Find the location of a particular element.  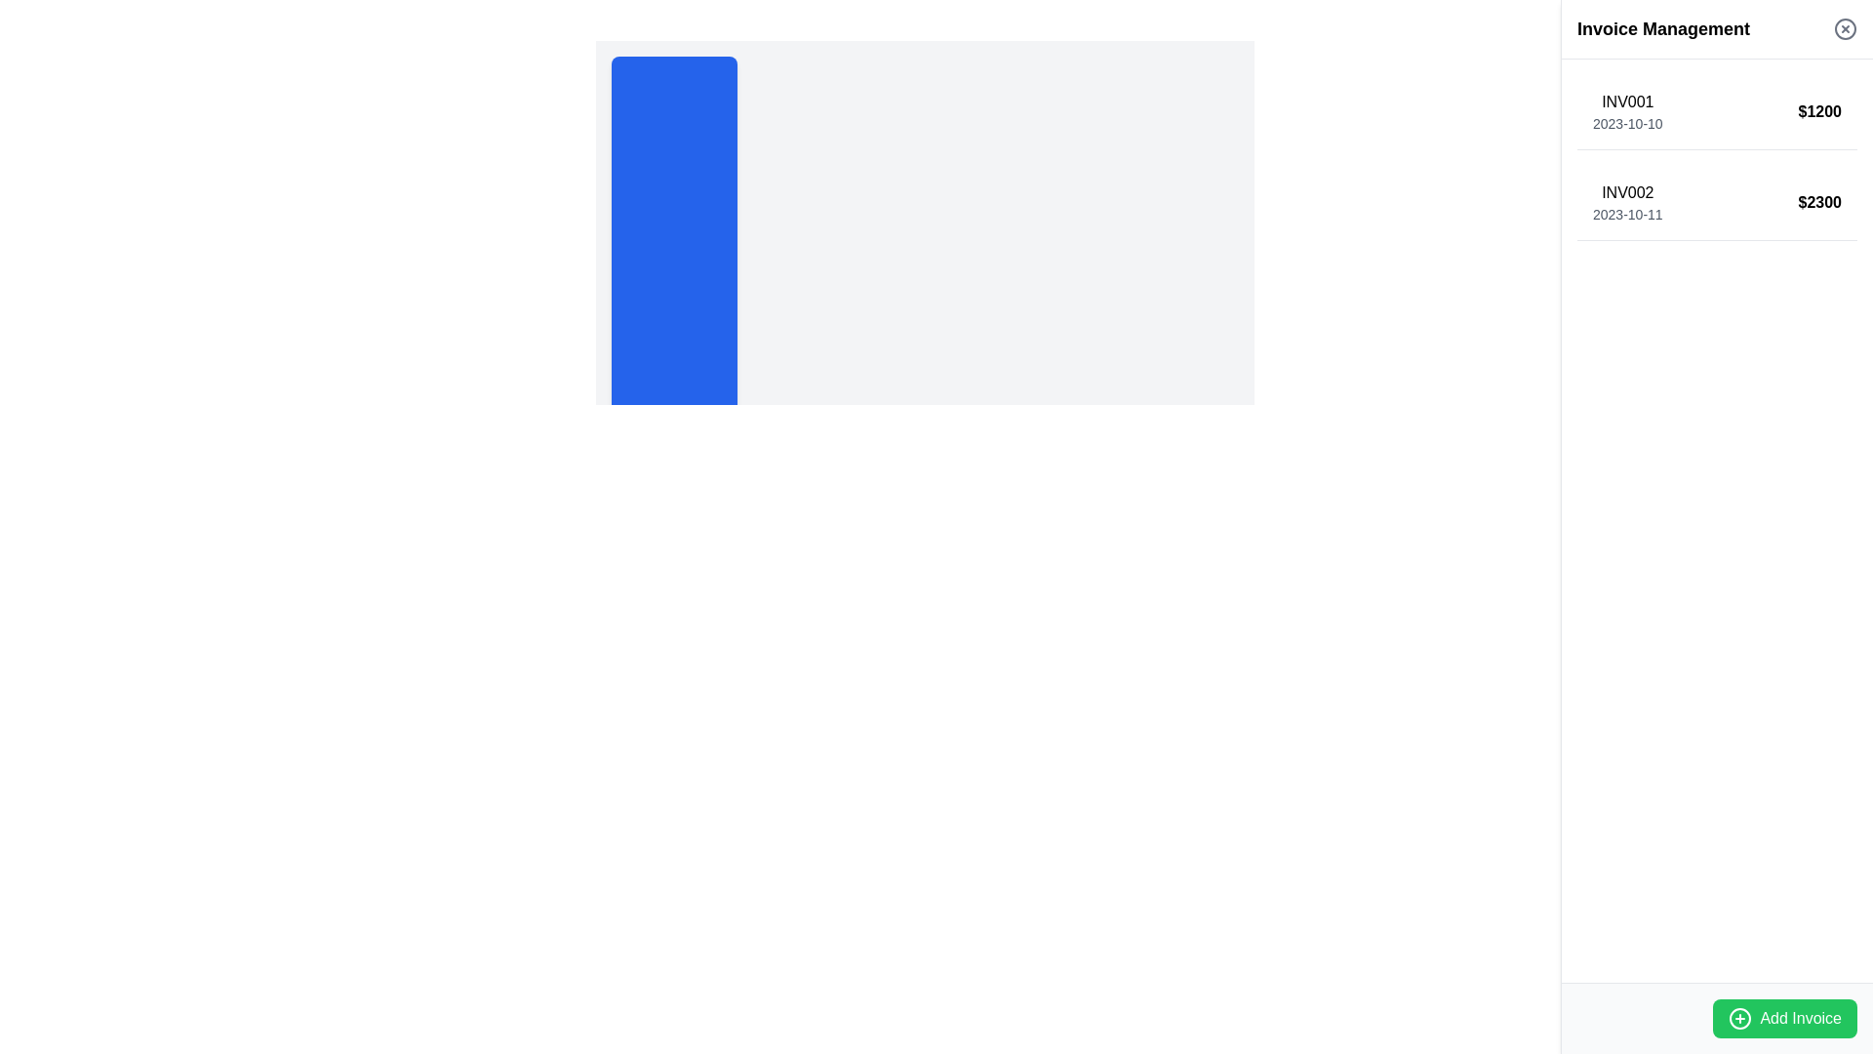

the monetary value text label displaying '$1200', which is positioned in the top item of a vertical list of invoices on the right side of the interface is located at coordinates (1818, 112).